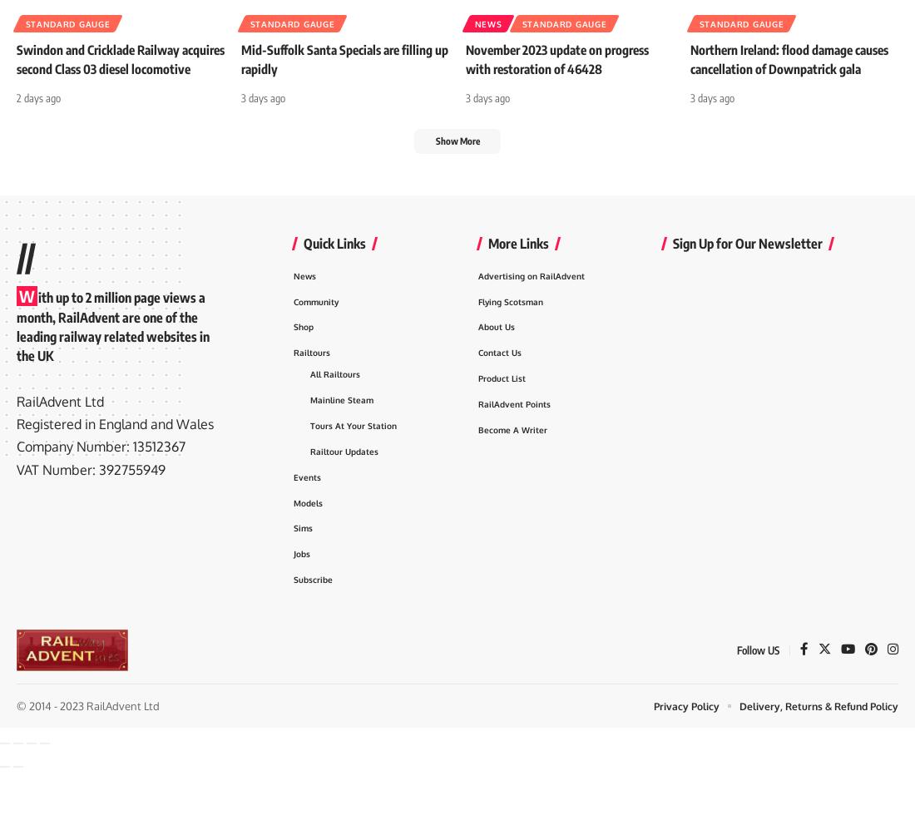  Describe the element at coordinates (114, 455) in the screenshot. I see `'Registered in England and Wales'` at that location.